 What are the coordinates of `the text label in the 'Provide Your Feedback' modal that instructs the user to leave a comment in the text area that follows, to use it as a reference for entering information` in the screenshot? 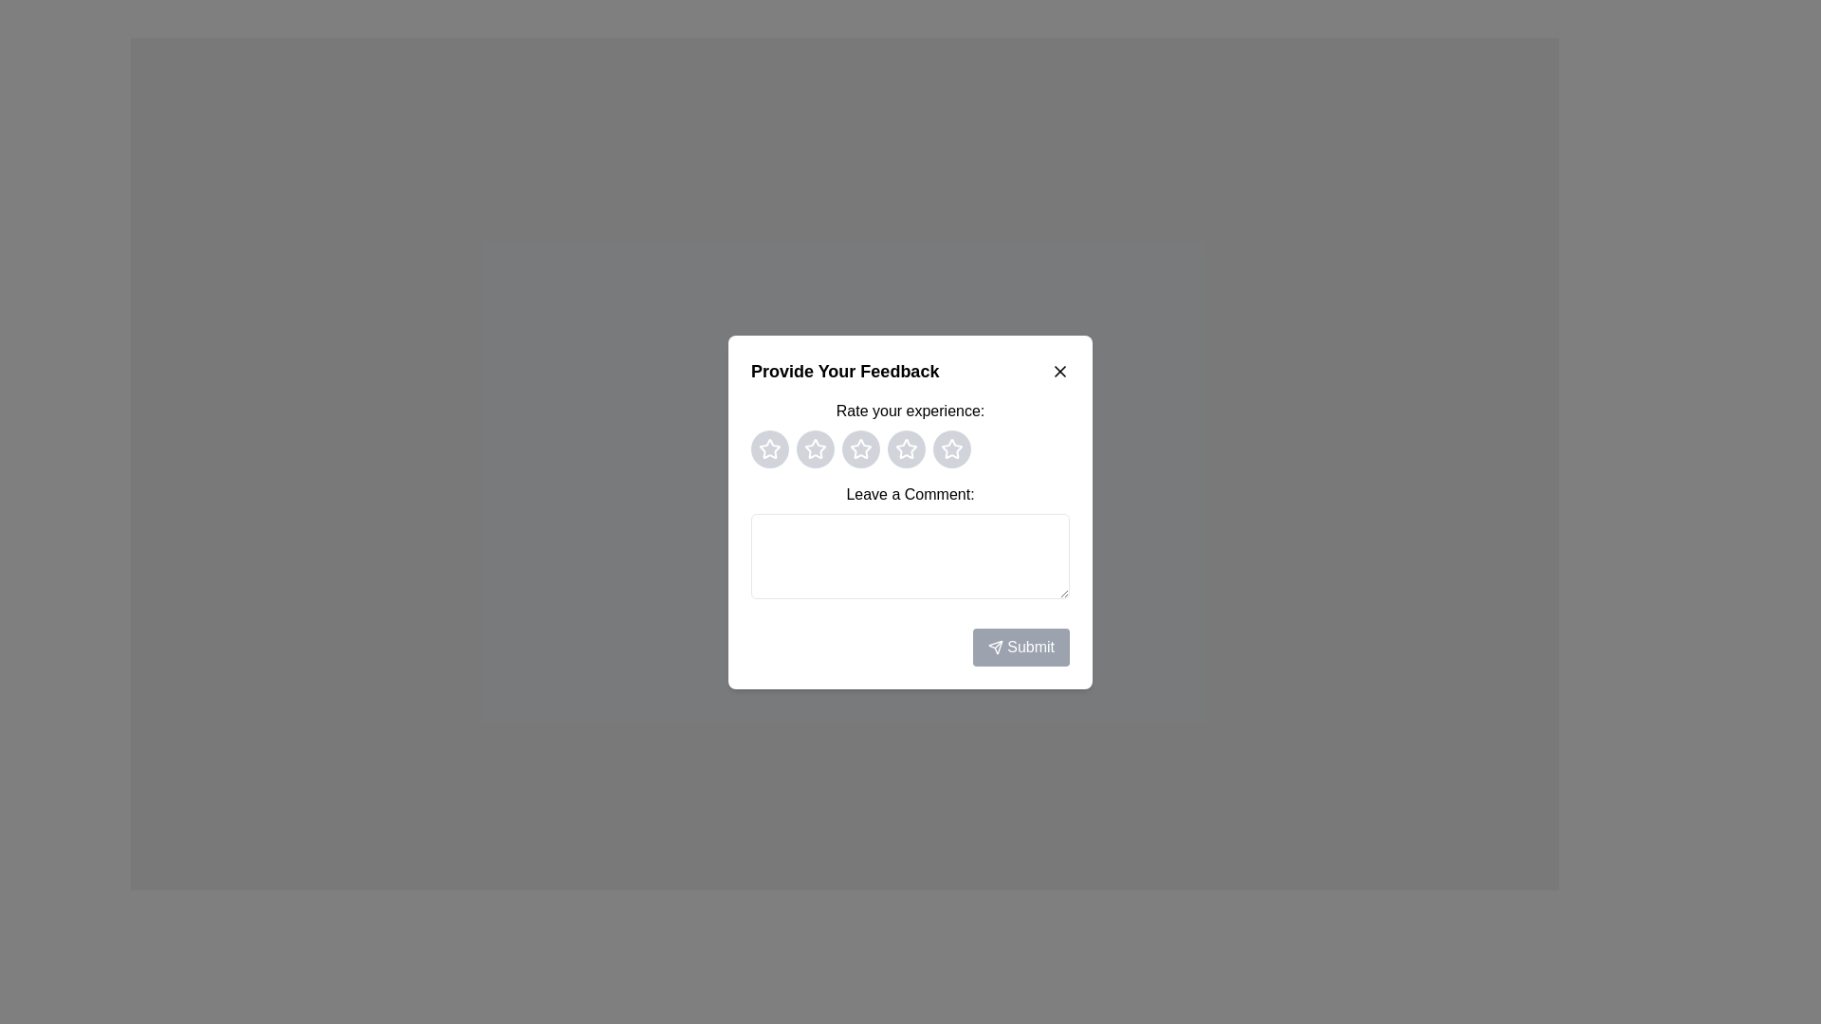 It's located at (910, 492).